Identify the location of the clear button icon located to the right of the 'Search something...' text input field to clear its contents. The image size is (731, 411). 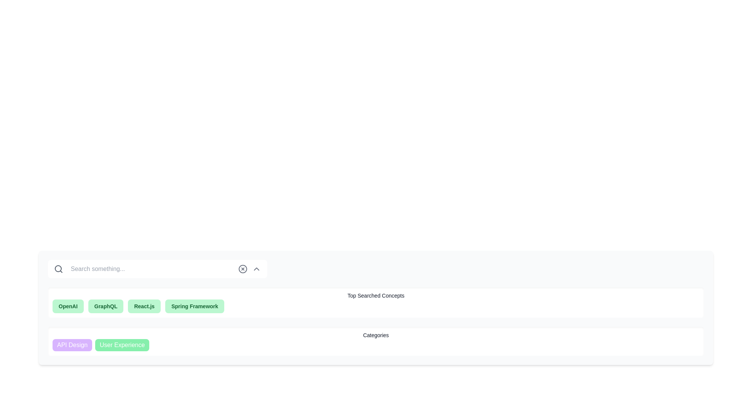
(243, 268).